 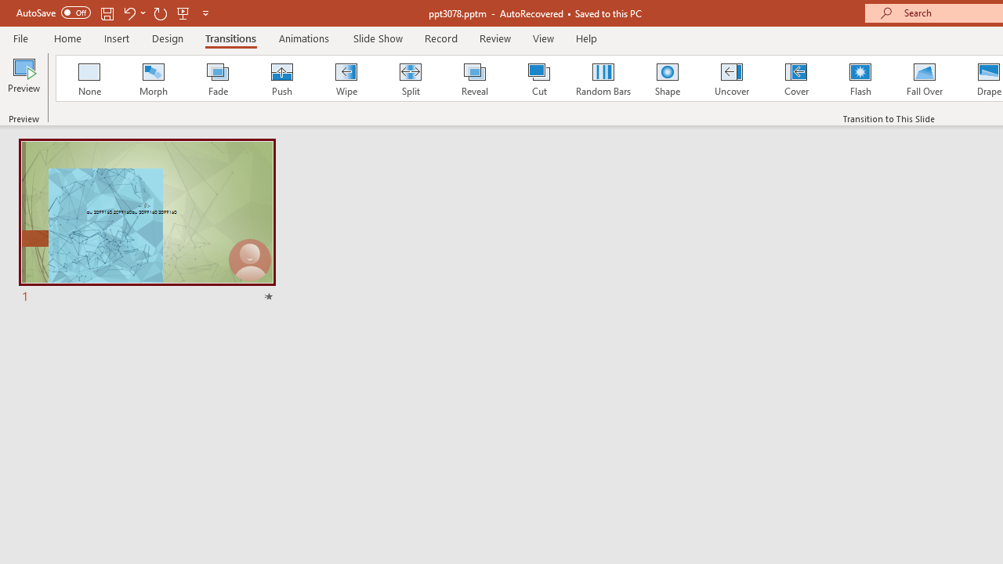 I want to click on 'Cover', so click(x=796, y=78).